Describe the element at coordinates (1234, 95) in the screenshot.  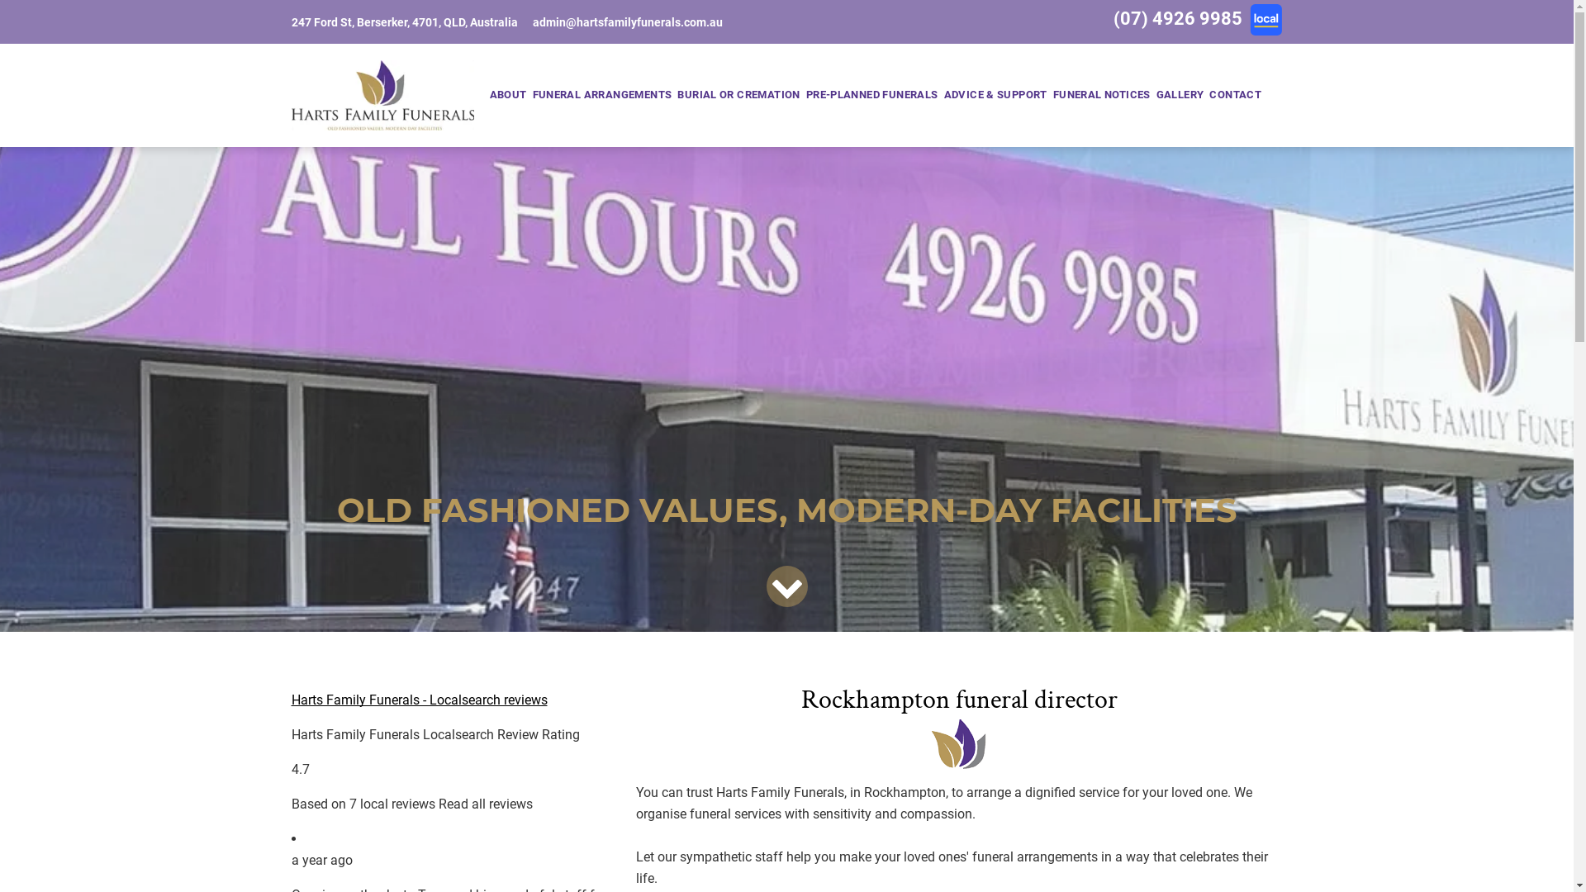
I see `'CONTACT'` at that location.